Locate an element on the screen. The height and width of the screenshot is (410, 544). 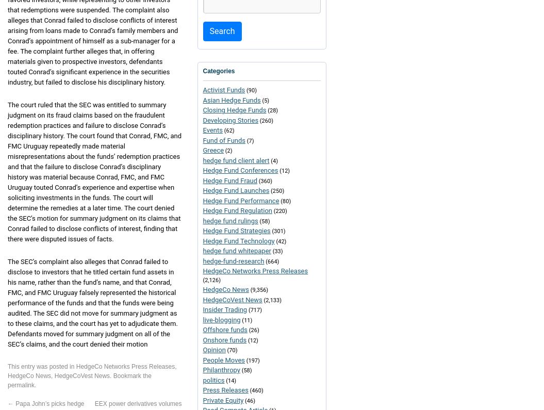
'(80)' is located at coordinates (284, 200).